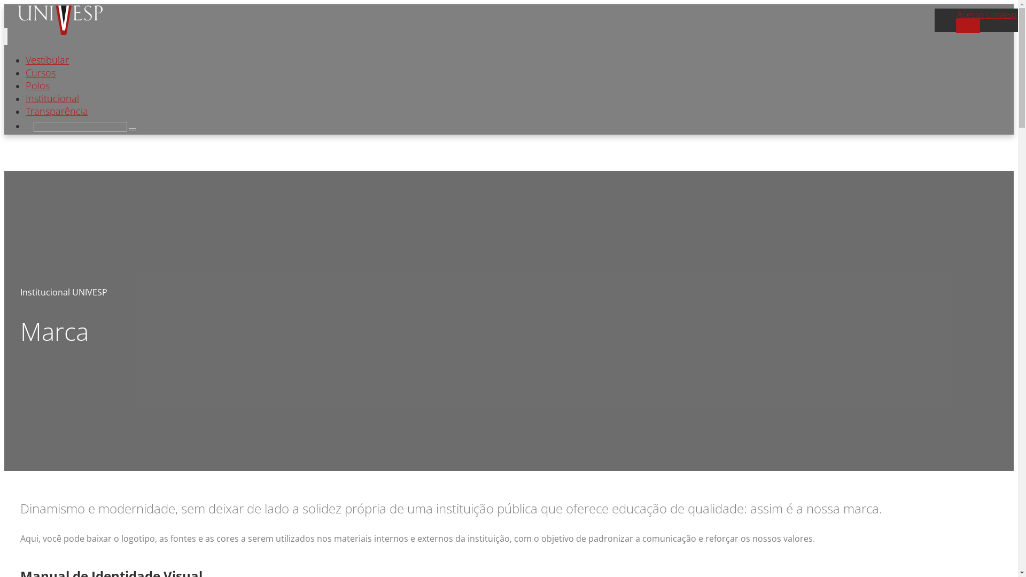 The height and width of the screenshot is (577, 1026). I want to click on 'Polos', so click(26, 84).